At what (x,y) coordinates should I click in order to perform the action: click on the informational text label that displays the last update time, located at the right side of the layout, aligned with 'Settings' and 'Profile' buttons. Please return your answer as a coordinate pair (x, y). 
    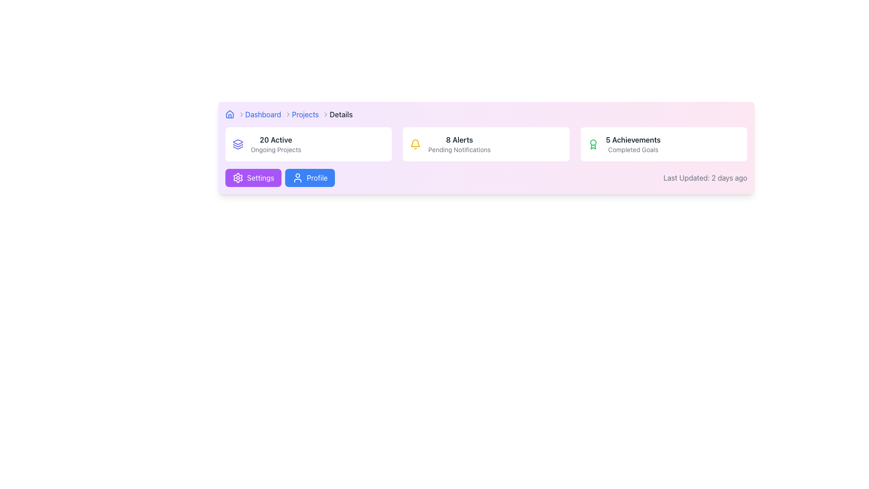
    Looking at the image, I should click on (705, 178).